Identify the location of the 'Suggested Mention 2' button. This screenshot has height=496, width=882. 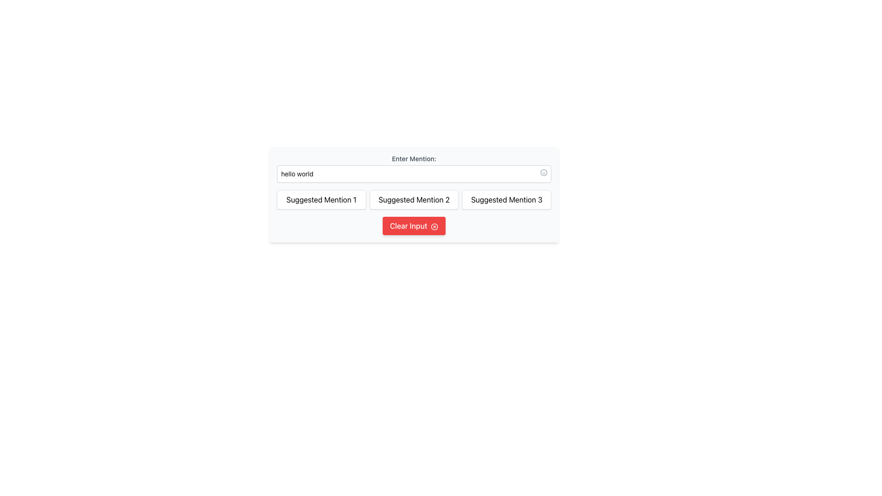
(413, 199).